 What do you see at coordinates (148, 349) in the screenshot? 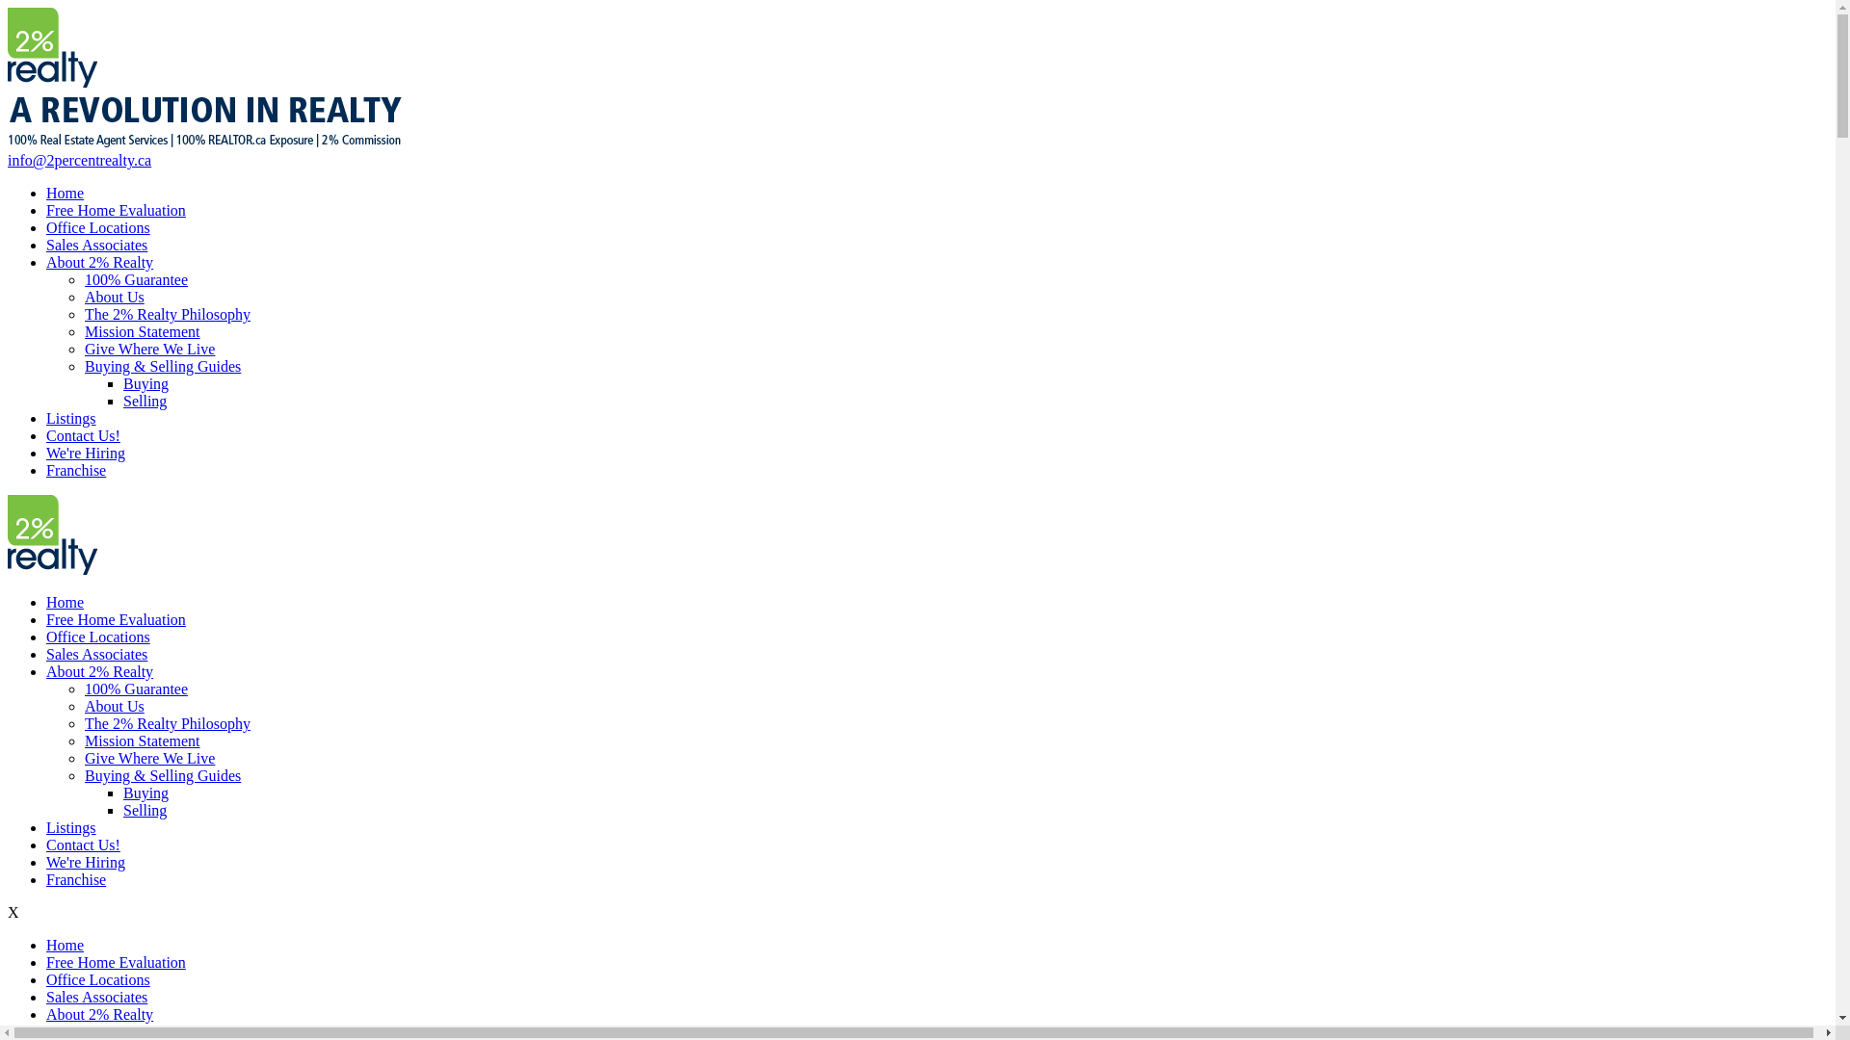
I see `'Give Where We Live'` at bounding box center [148, 349].